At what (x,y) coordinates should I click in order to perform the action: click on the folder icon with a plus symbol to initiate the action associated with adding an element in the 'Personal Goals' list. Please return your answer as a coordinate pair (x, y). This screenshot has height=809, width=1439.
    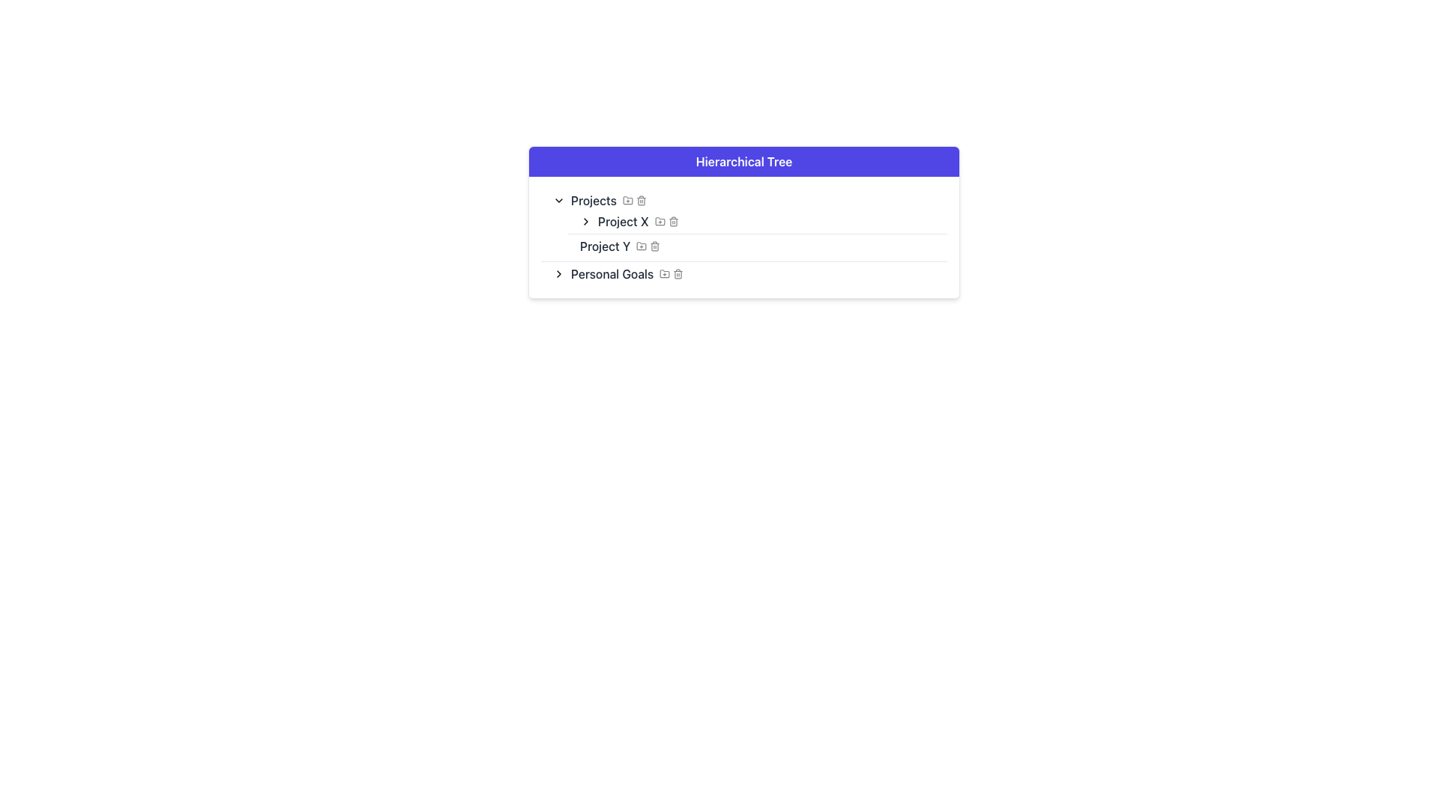
    Looking at the image, I should click on (664, 274).